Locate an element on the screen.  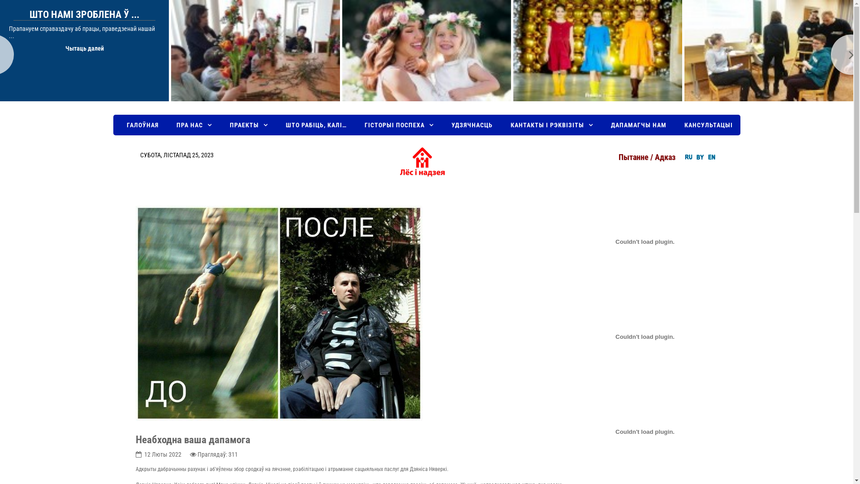
'Russian (Russia)' is located at coordinates (684, 156).